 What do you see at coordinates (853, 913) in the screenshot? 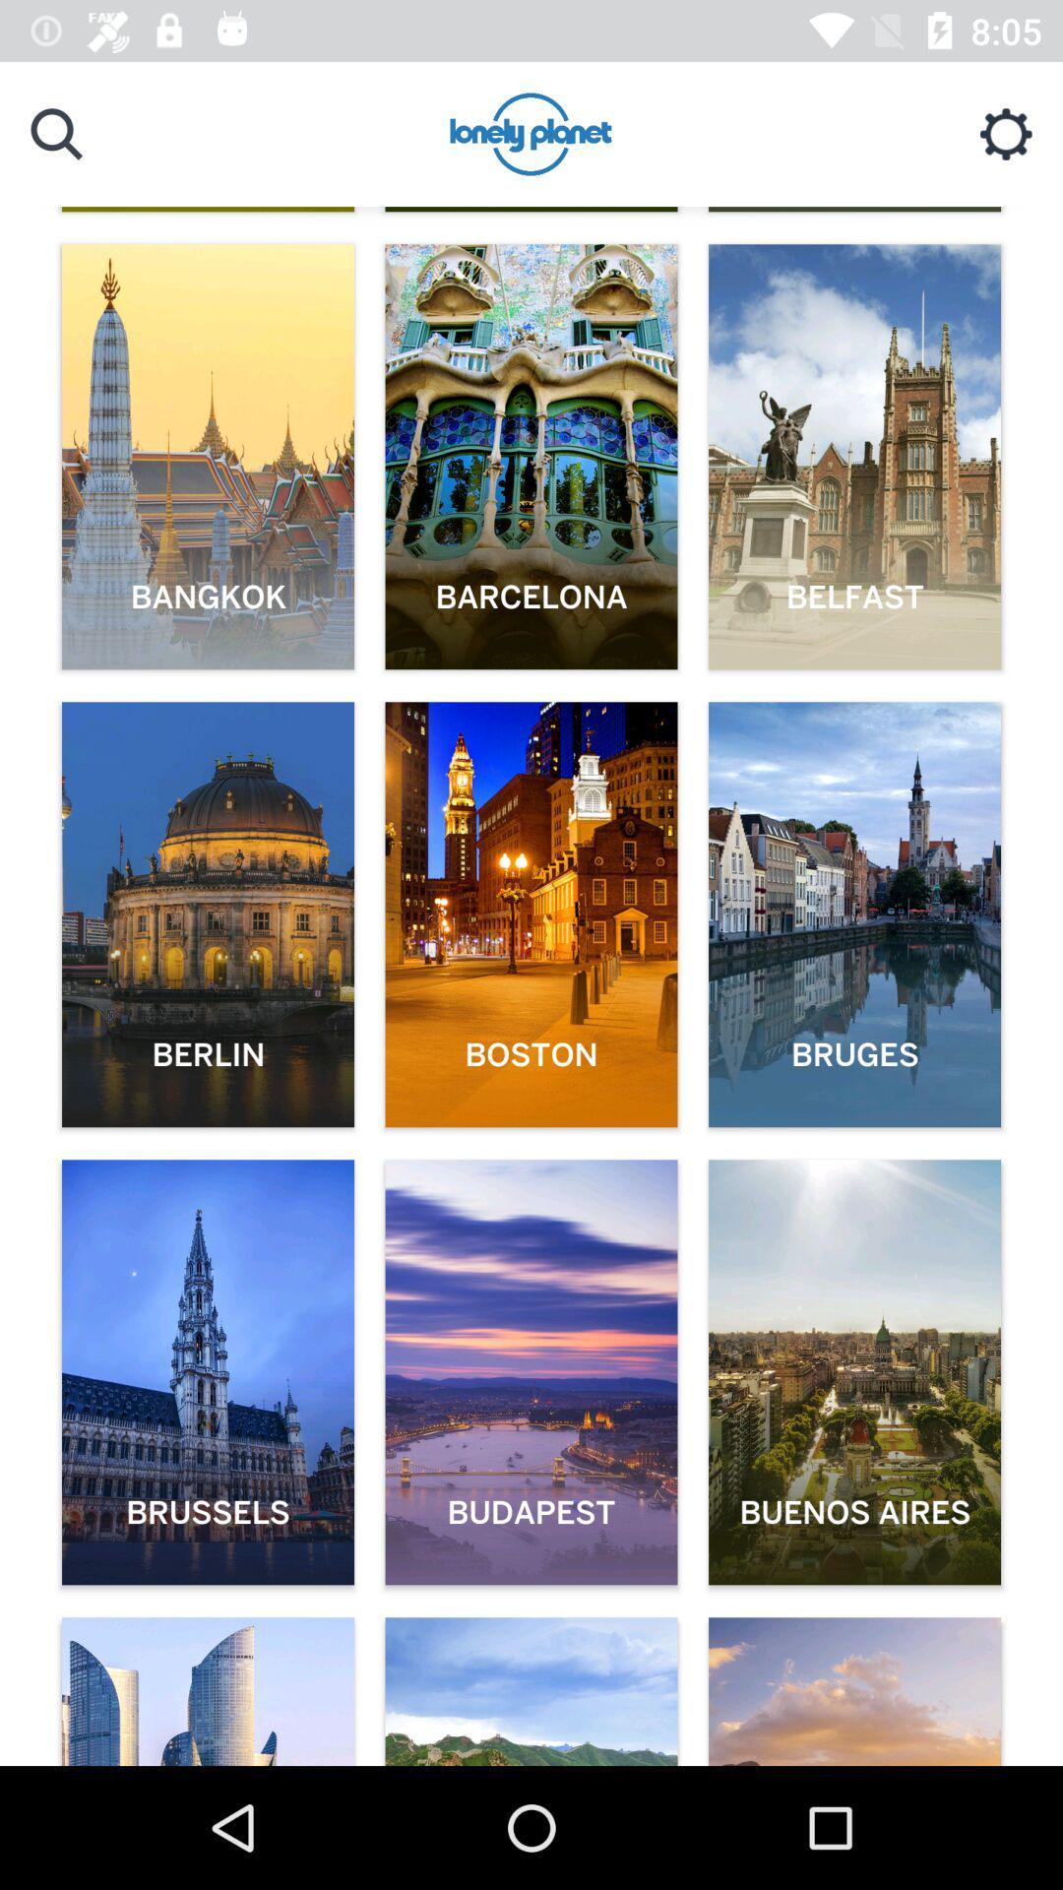
I see `the second row third image` at bounding box center [853, 913].